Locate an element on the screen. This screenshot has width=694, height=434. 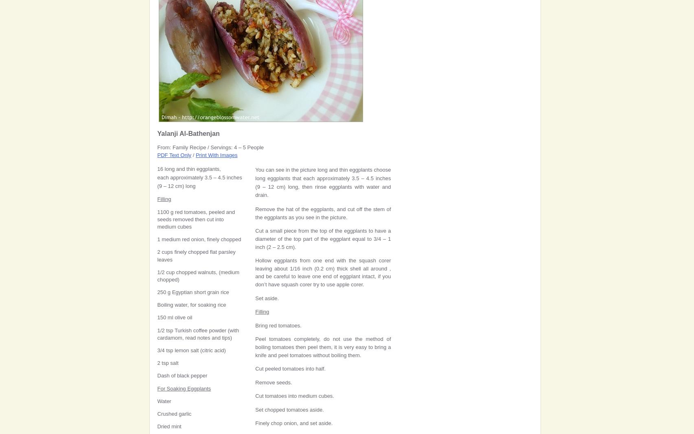
'Boiling water, for soaking rice' is located at coordinates (191, 304).